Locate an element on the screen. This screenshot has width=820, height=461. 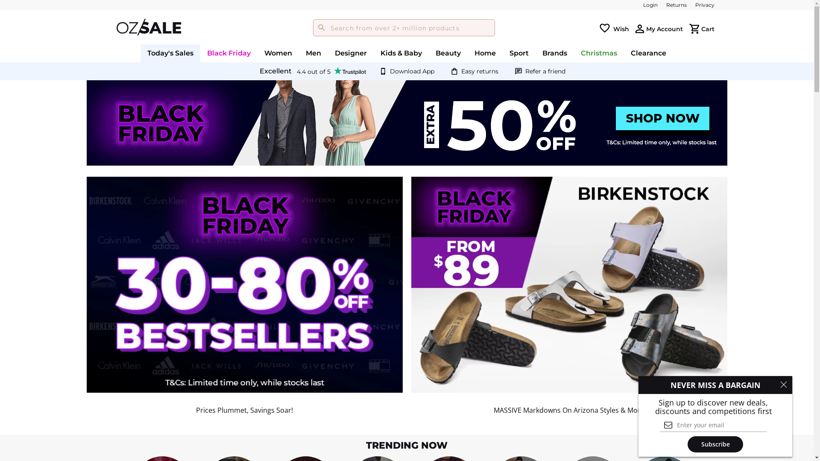
'Returns' is located at coordinates (676, 5).